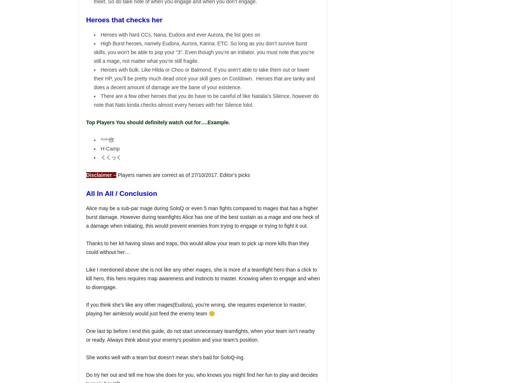  I want to click on 'Players names are correct as of 27/10/2017. Editor’s picks', so click(183, 175).